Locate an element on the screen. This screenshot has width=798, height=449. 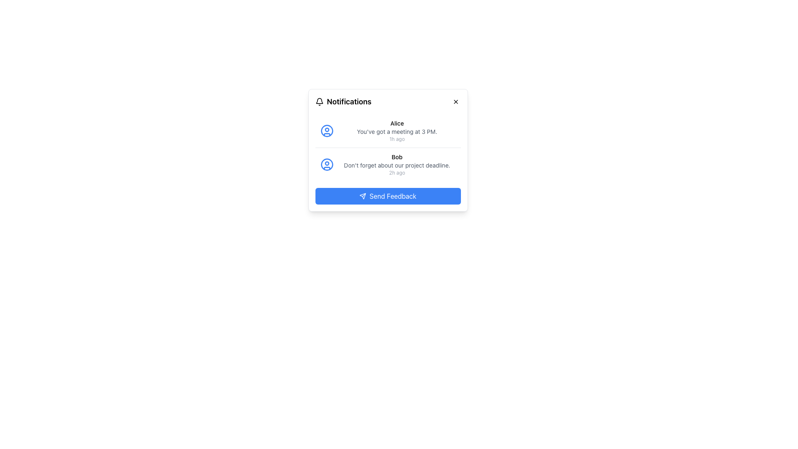
notification item informing about an event scheduled for 3 PM, which is located at the top of the notifications list under the 'Notifications' header is located at coordinates (397, 131).